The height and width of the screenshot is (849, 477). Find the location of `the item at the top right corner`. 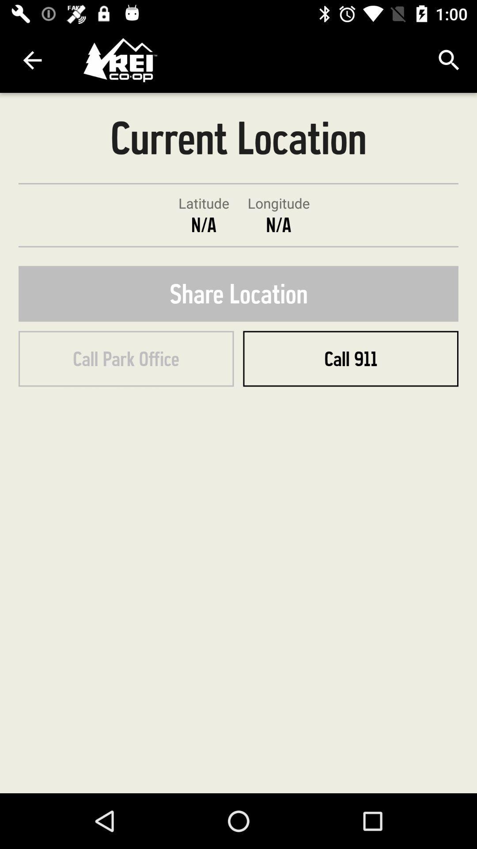

the item at the top right corner is located at coordinates (449, 60).